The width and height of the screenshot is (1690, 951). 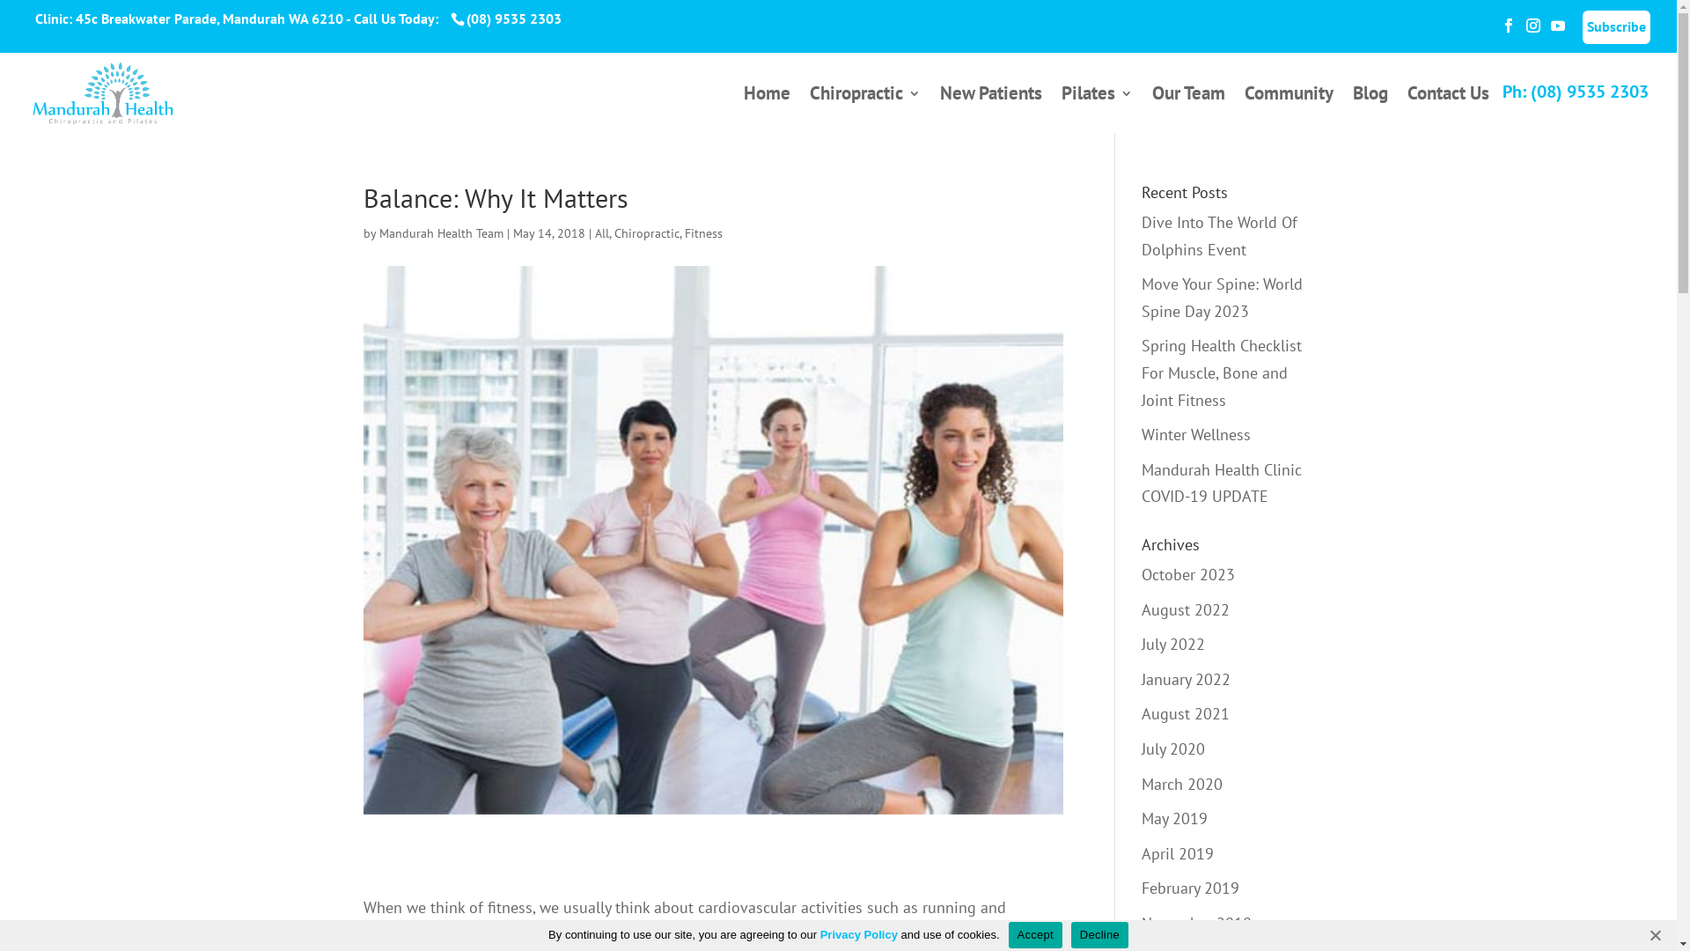 I want to click on 'Blog', so click(x=1369, y=110).